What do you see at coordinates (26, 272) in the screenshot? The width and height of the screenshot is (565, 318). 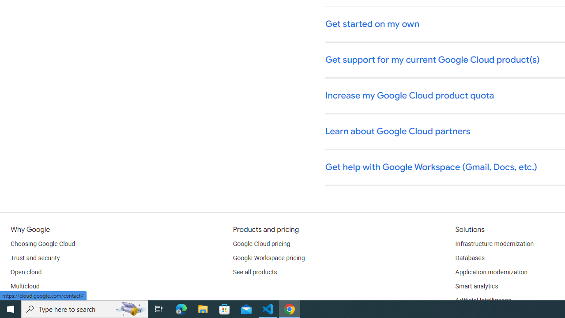 I see `'Open cloud'` at bounding box center [26, 272].